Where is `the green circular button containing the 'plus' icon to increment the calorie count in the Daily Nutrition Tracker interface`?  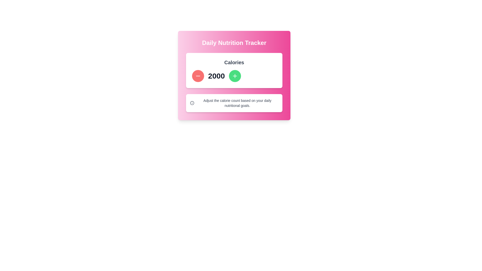 the green circular button containing the 'plus' icon to increment the calorie count in the Daily Nutrition Tracker interface is located at coordinates (234, 76).